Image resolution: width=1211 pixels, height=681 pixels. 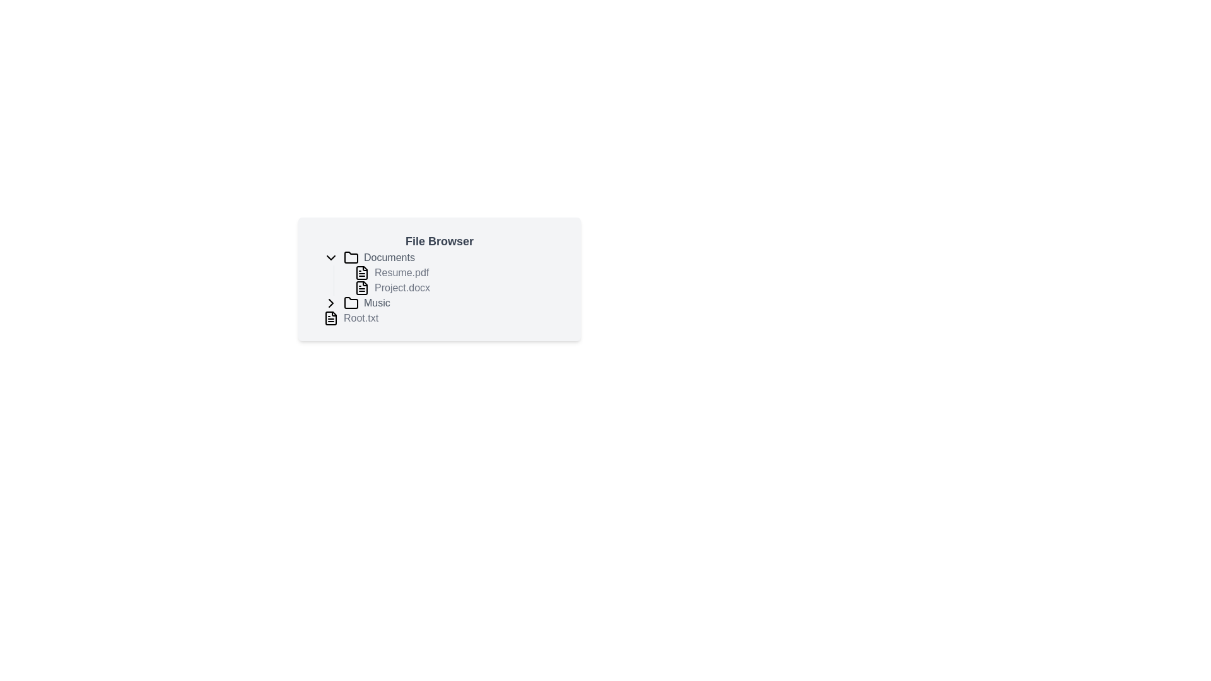 What do you see at coordinates (351, 318) in the screenshot?
I see `the list item representing the file 'Root.txt' in the file browser` at bounding box center [351, 318].